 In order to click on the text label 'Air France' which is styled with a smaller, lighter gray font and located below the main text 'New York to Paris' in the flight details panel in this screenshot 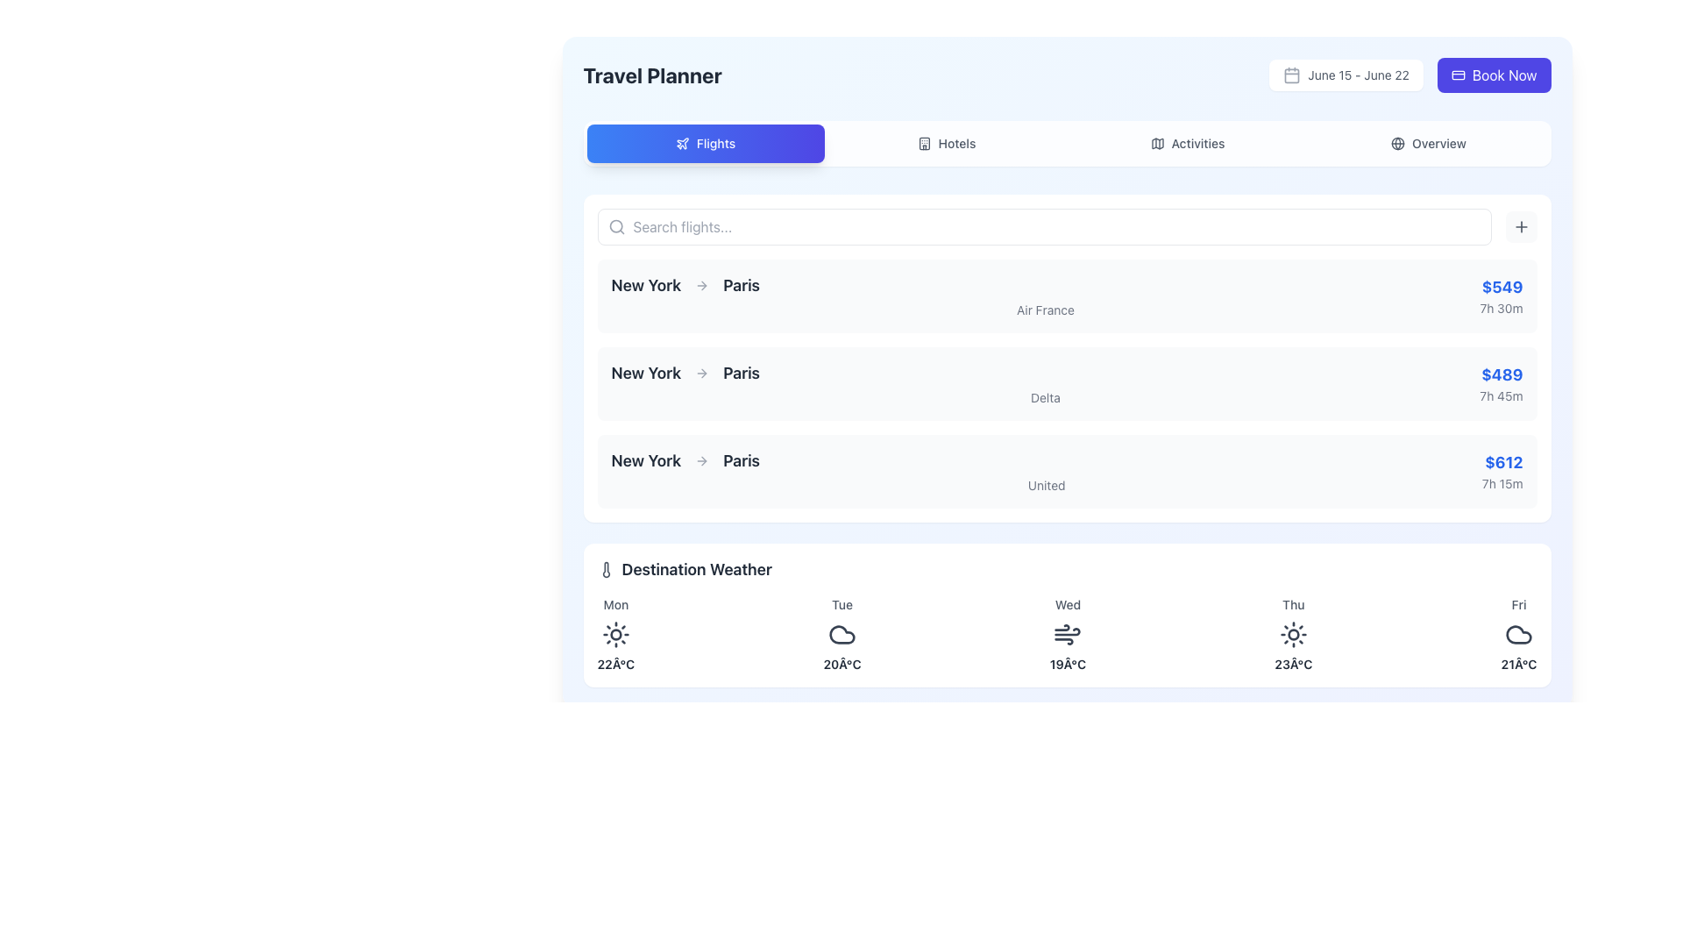, I will do `click(1045, 310)`.